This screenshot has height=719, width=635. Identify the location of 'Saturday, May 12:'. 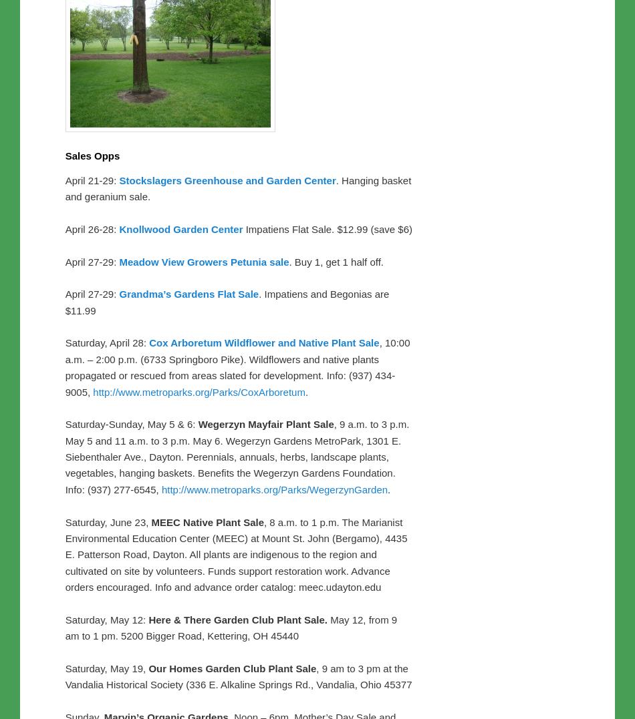
(106, 618).